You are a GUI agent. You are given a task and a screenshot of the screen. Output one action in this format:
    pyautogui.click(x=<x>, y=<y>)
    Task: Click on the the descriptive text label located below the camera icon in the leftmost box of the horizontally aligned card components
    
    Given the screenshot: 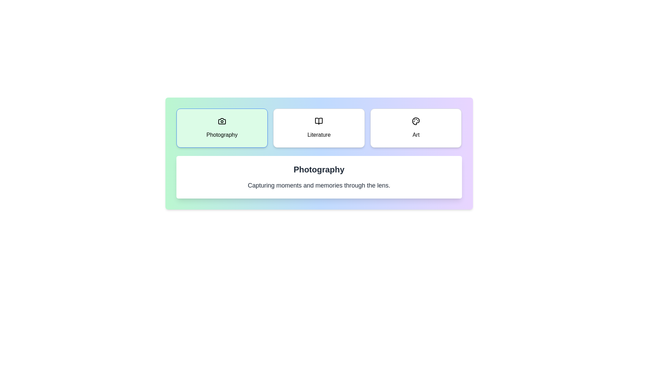 What is the action you would take?
    pyautogui.click(x=222, y=135)
    